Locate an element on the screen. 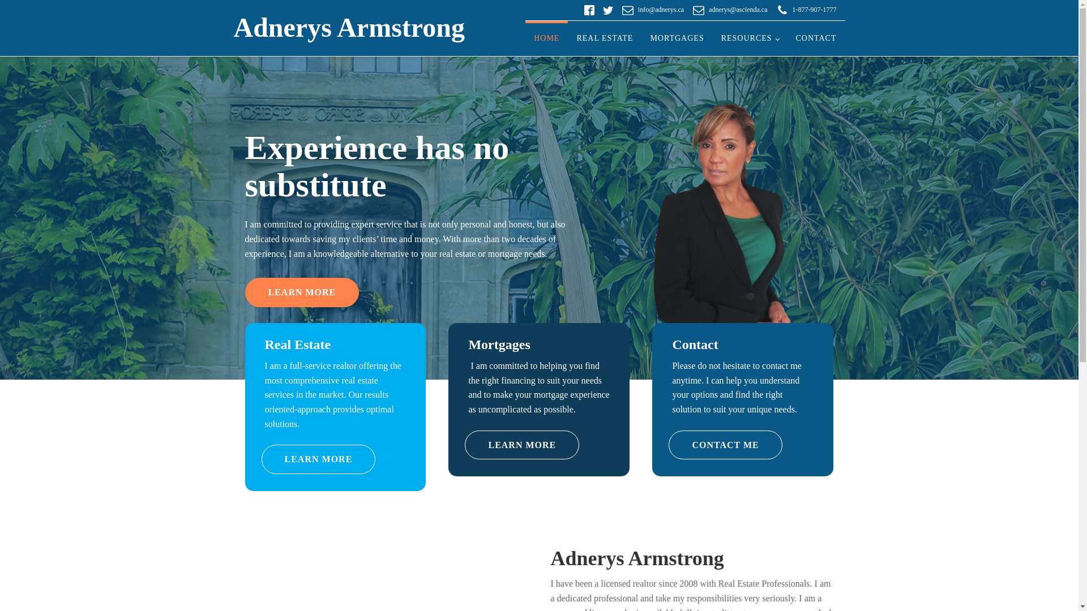  'CONTACT ME' is located at coordinates (725, 444).